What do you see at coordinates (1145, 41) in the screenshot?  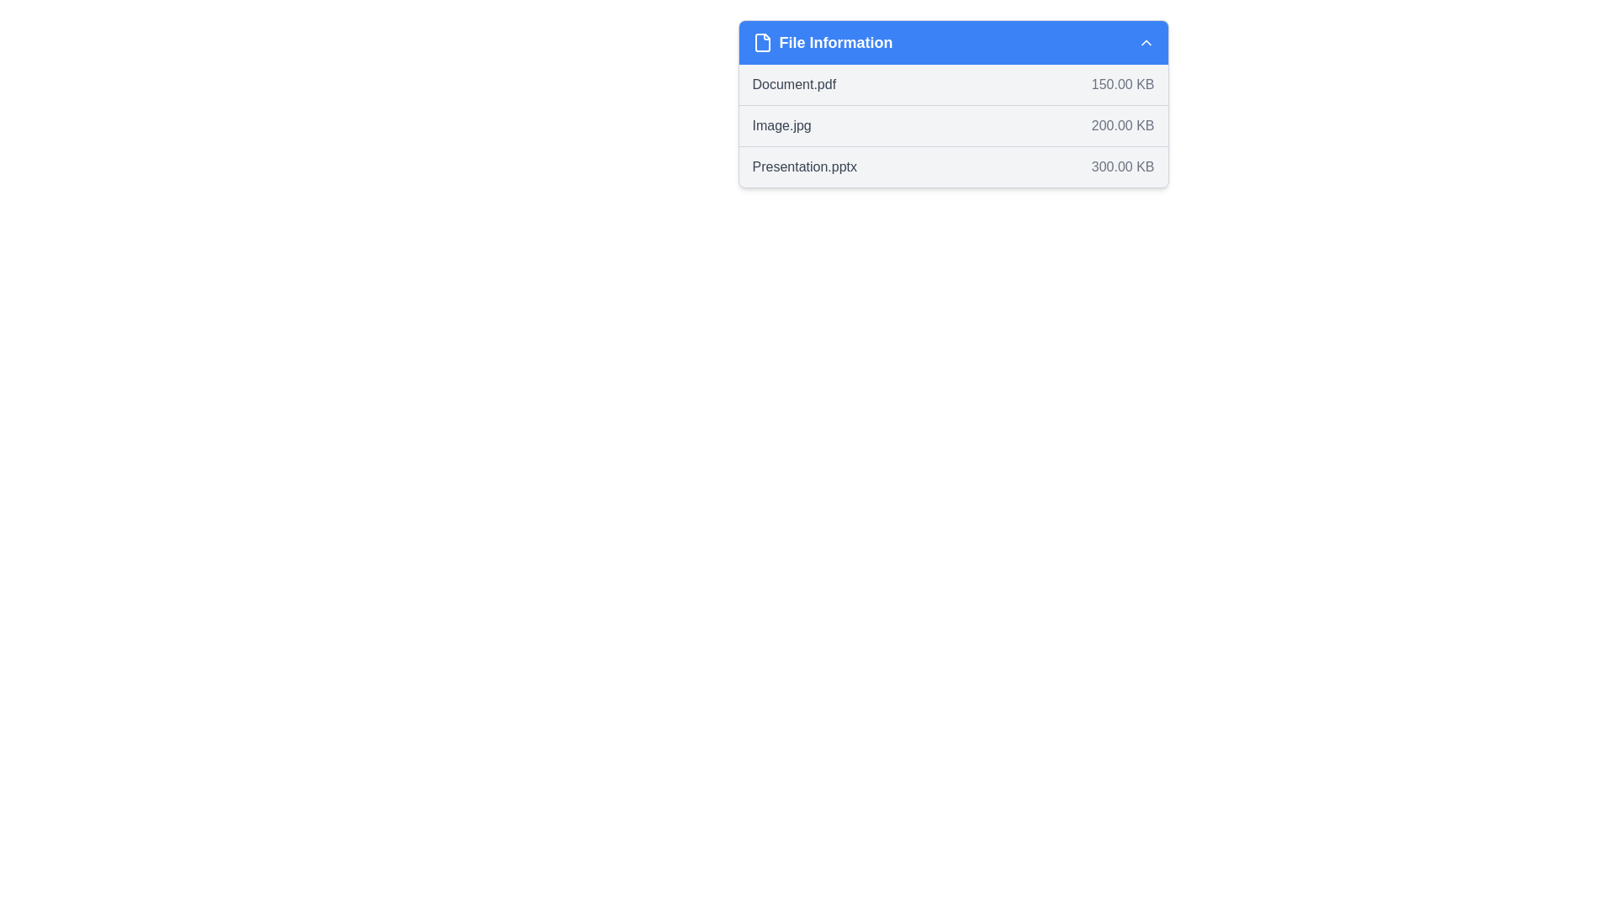 I see `the interactive icon located at the top-right corner of the 'File Information' panel` at bounding box center [1145, 41].